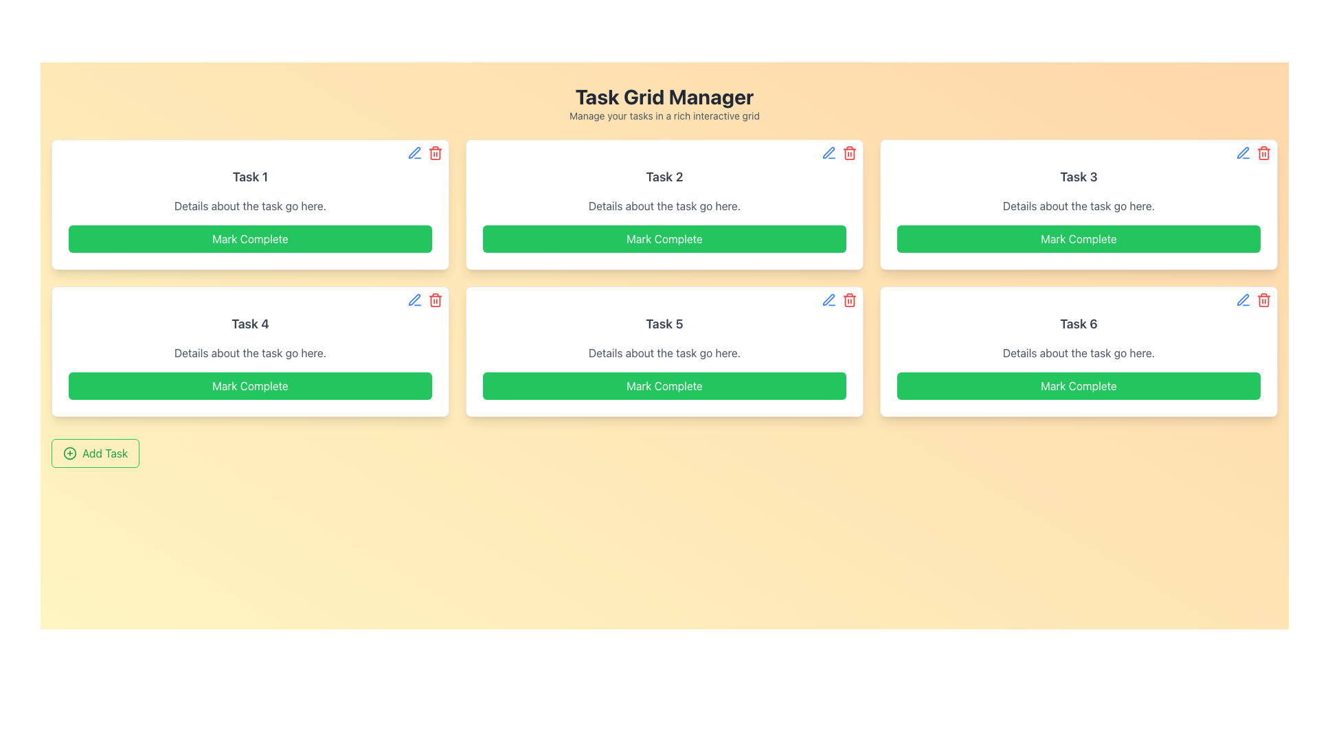 This screenshot has height=742, width=1319. Describe the element at coordinates (1263, 299) in the screenshot. I see `the trash icon button located` at that location.